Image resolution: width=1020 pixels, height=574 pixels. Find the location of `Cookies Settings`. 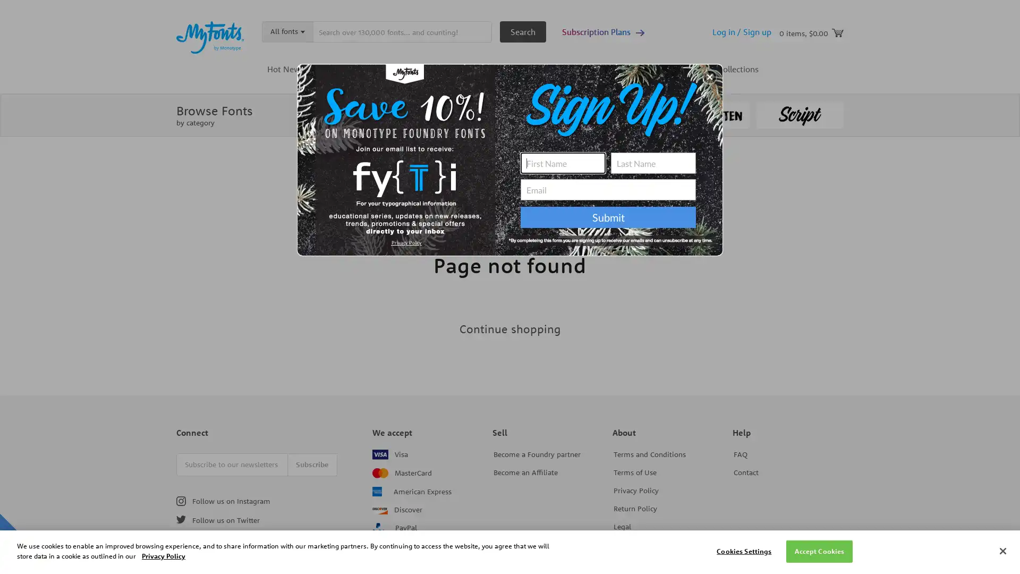

Cookies Settings is located at coordinates (743, 551).